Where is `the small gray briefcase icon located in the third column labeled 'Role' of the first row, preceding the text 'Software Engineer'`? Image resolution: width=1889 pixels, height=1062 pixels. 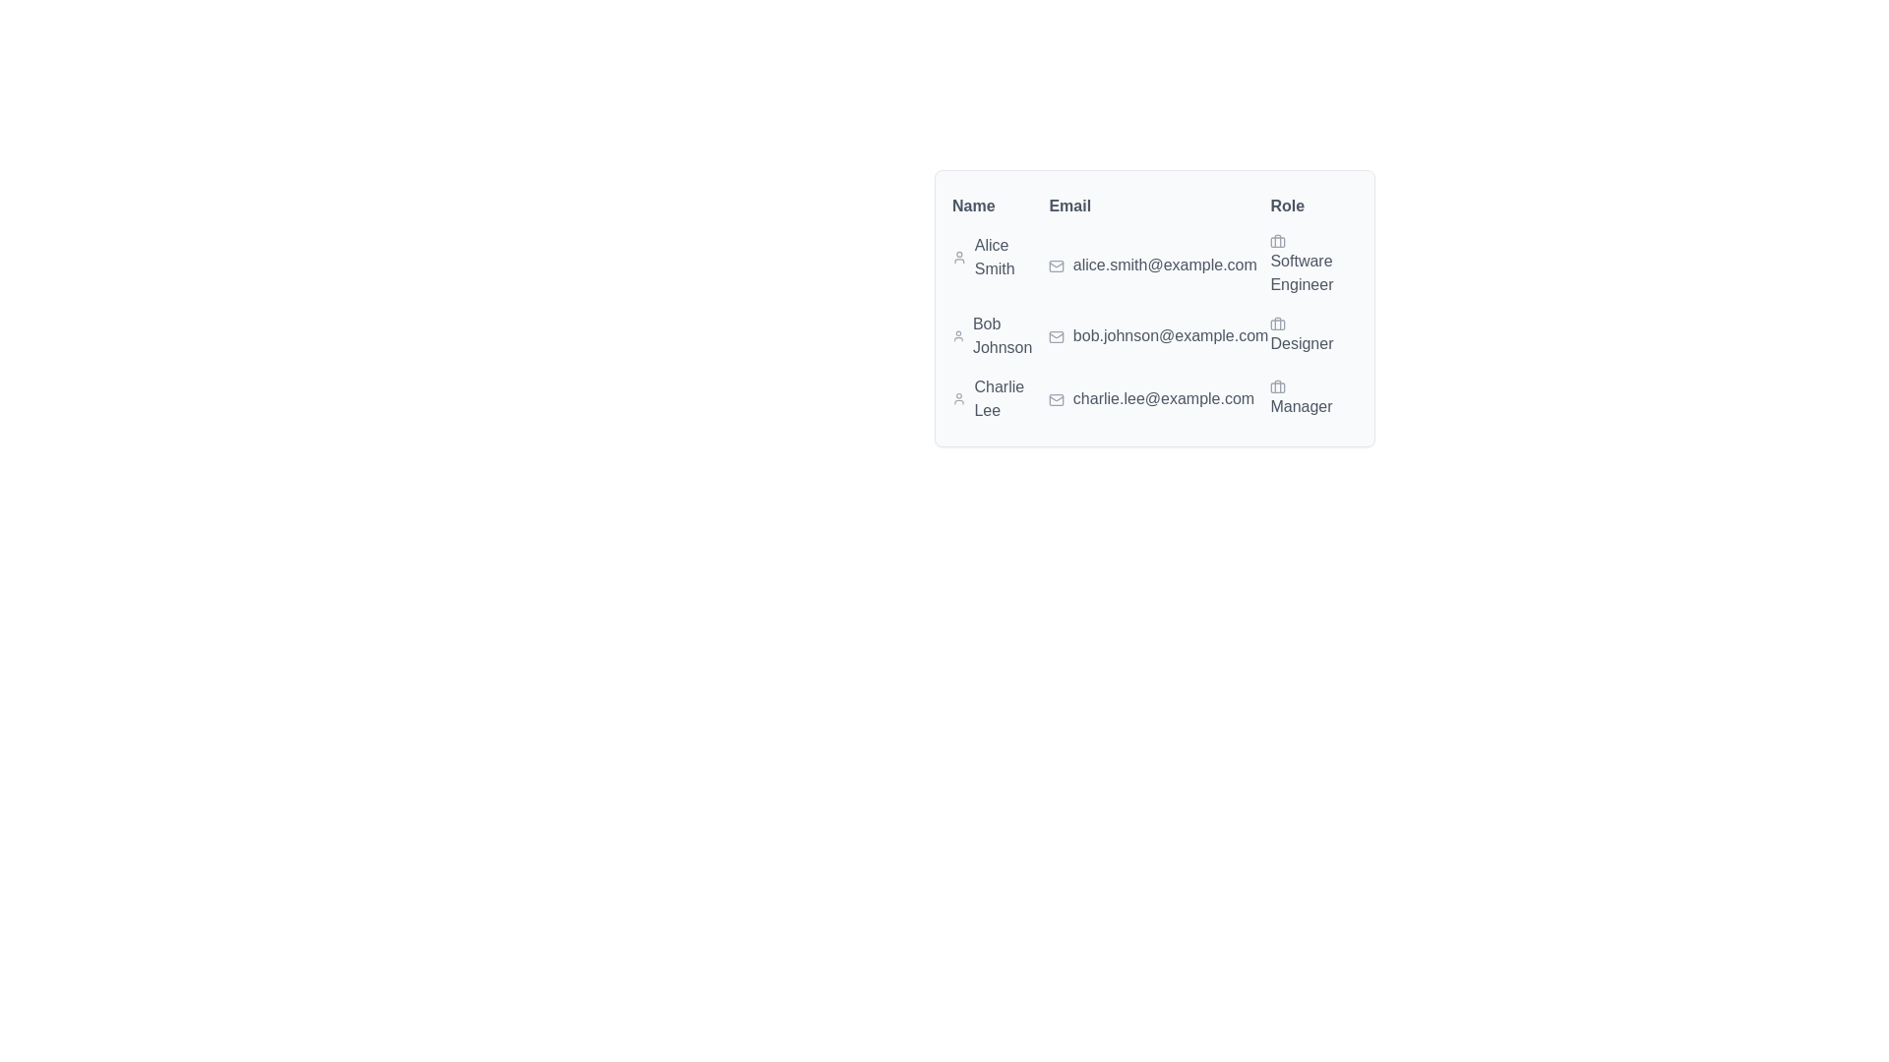 the small gray briefcase icon located in the third column labeled 'Role' of the first row, preceding the text 'Software Engineer' is located at coordinates (1278, 241).